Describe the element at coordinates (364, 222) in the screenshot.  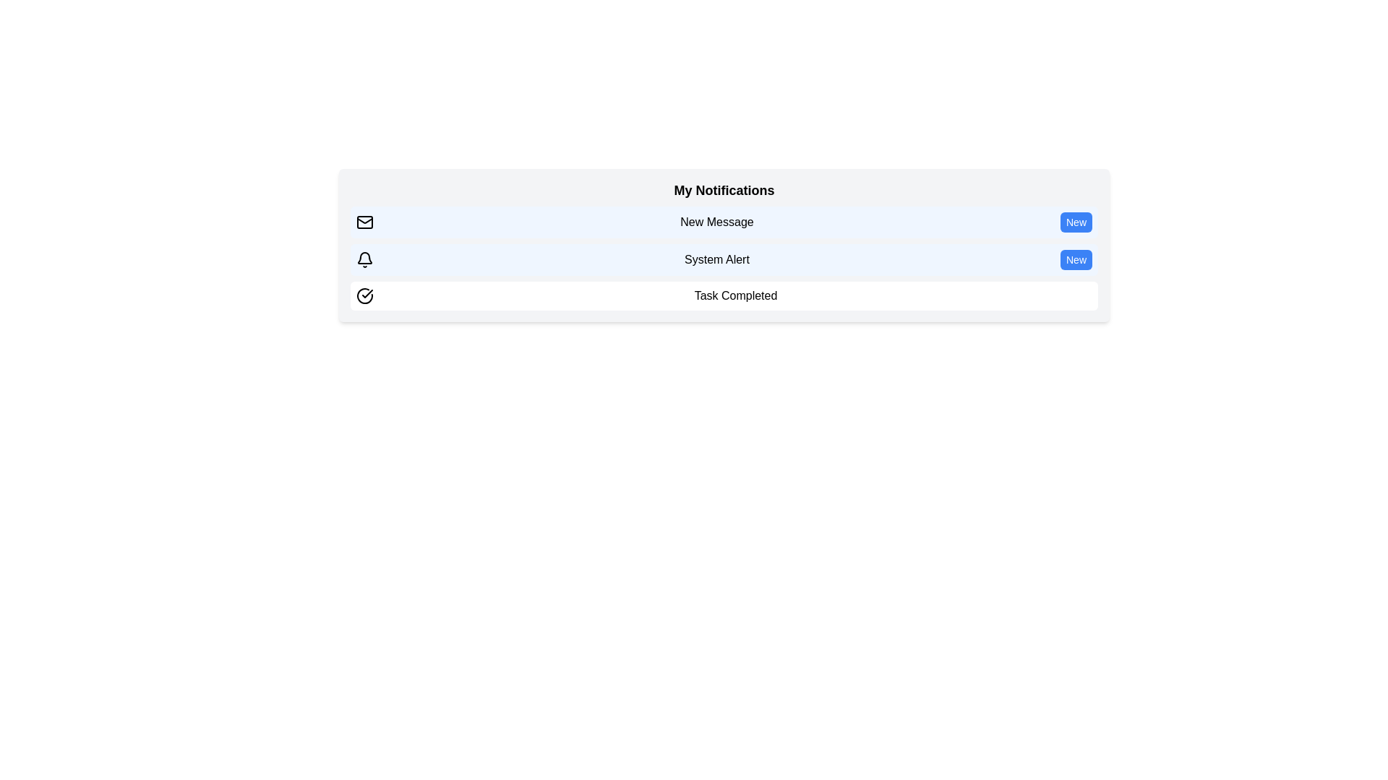
I see `the message notification icon located at the far left of the first row in the list of notifications, immediately to the left of the text 'New Message'` at that location.